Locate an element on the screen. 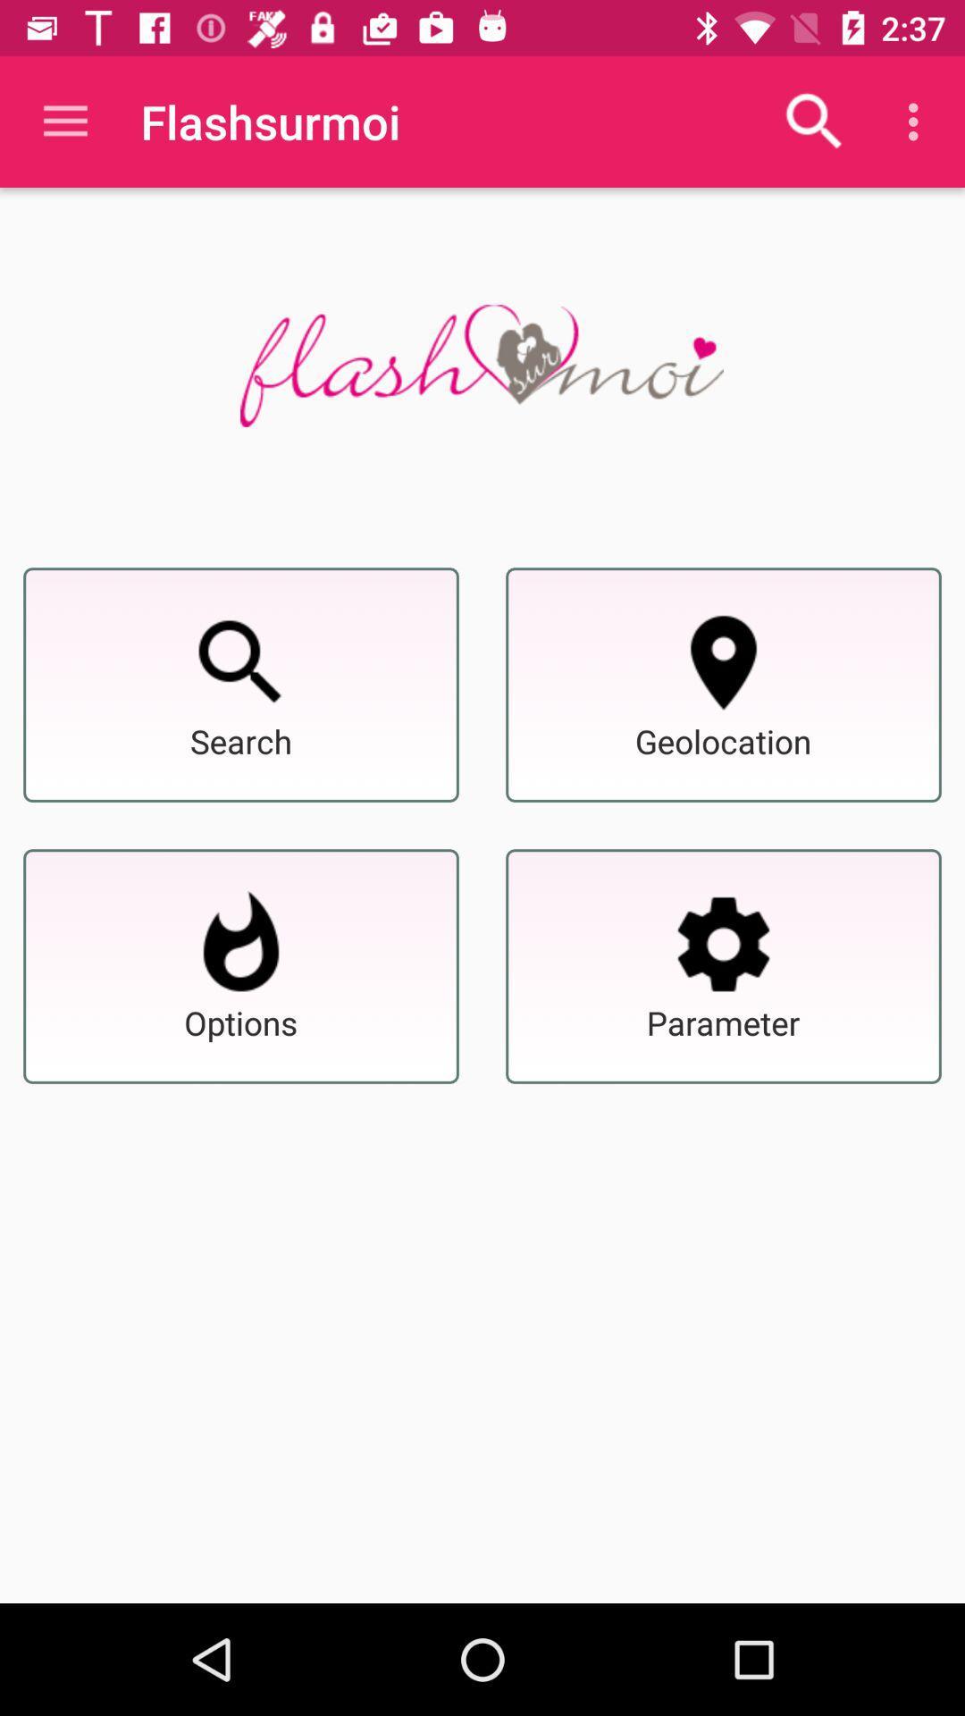 Image resolution: width=965 pixels, height=1716 pixels. flashmoi is located at coordinates (481, 365).